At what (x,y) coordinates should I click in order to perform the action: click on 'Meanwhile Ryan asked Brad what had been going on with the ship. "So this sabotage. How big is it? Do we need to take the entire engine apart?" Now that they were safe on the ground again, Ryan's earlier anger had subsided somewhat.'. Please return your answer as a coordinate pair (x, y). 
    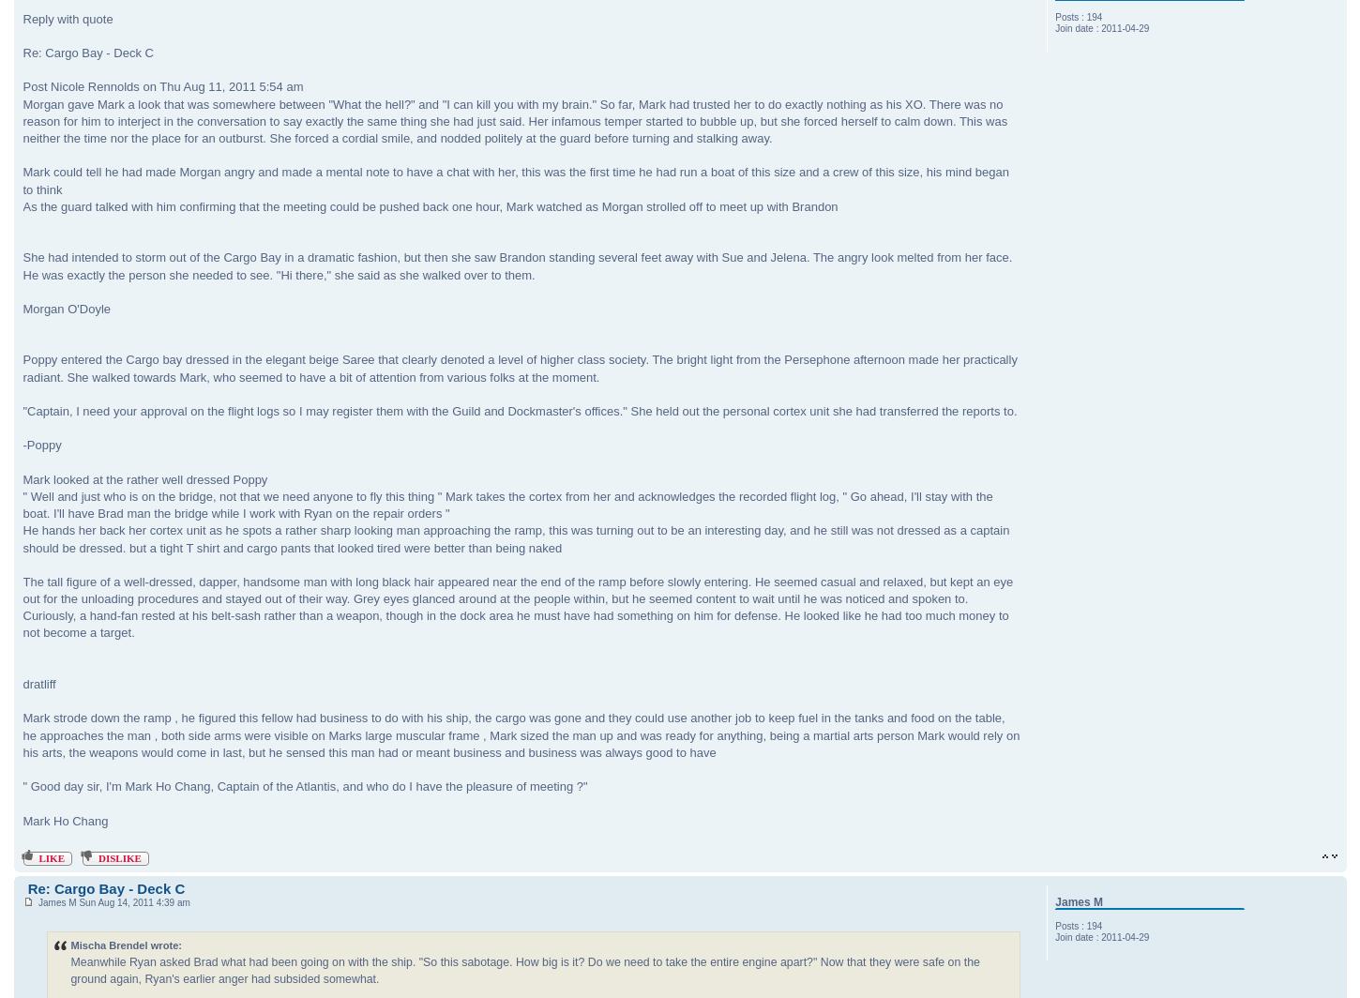
    Looking at the image, I should click on (69, 969).